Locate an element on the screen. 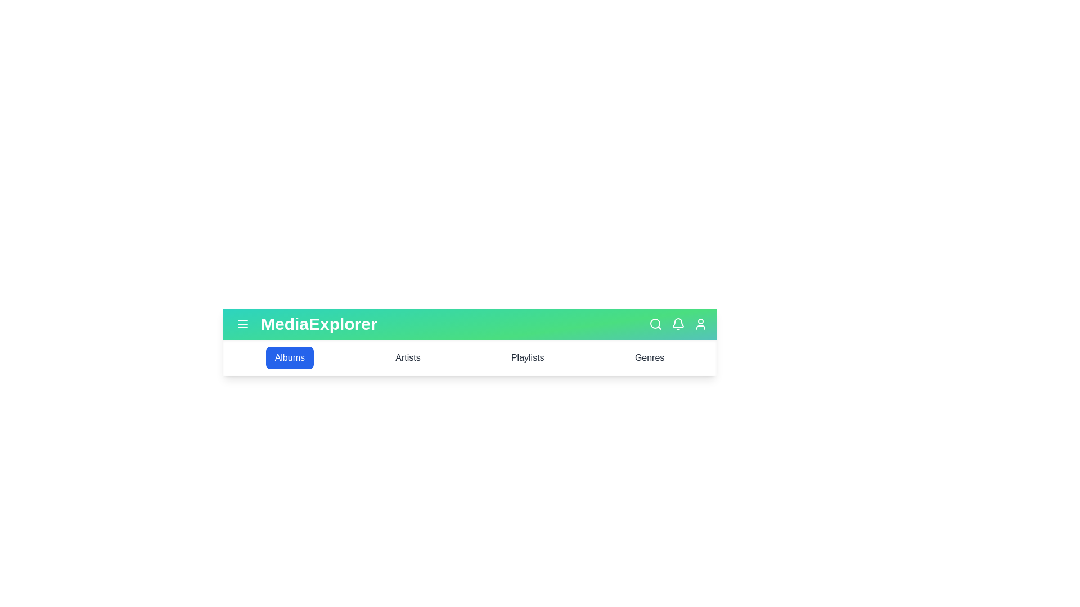 The image size is (1080, 607). the Playlists tab in the MultimediaAppBar is located at coordinates (526, 357).